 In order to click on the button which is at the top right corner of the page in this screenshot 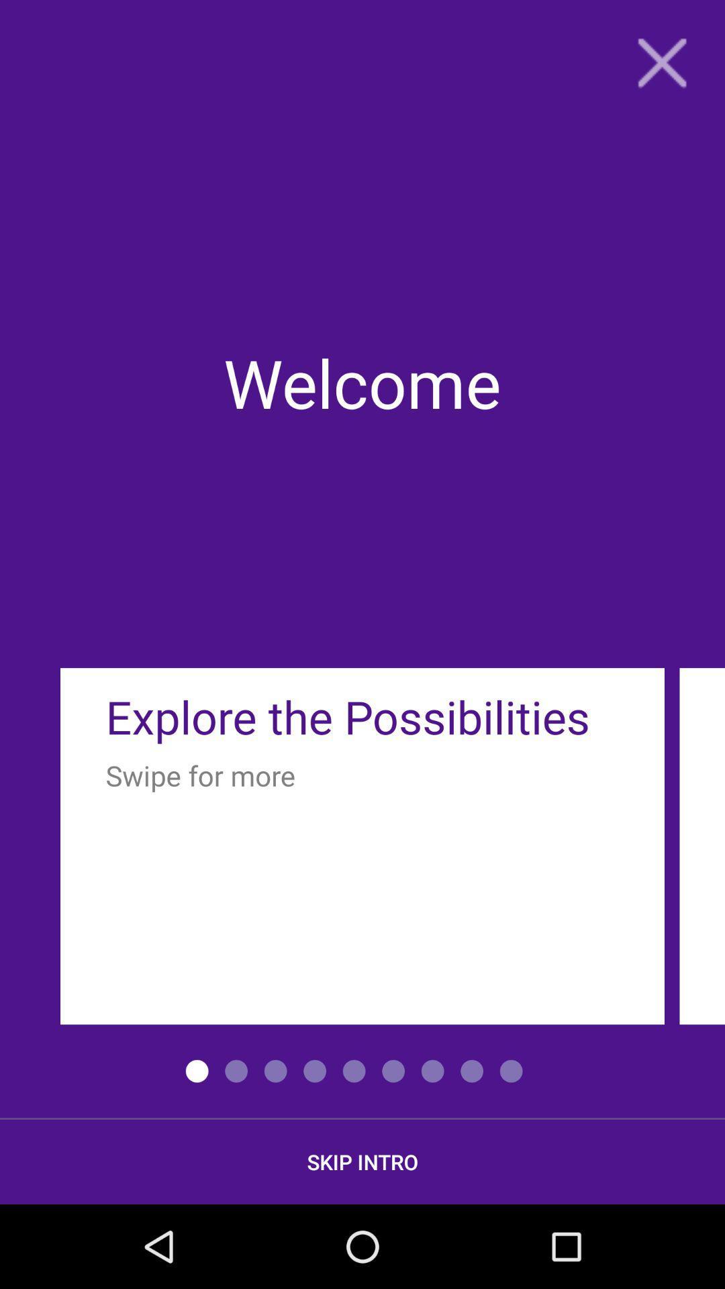, I will do `click(661, 62)`.